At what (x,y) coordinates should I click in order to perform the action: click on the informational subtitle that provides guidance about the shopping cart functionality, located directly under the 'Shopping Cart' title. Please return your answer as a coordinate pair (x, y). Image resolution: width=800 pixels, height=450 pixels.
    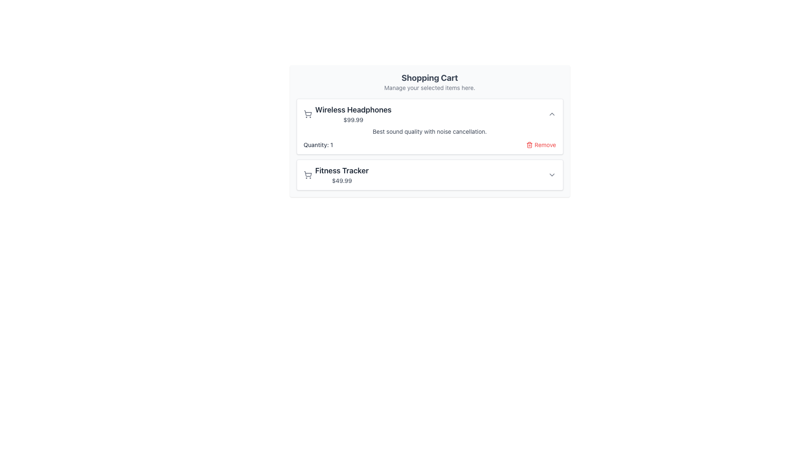
    Looking at the image, I should click on (430, 88).